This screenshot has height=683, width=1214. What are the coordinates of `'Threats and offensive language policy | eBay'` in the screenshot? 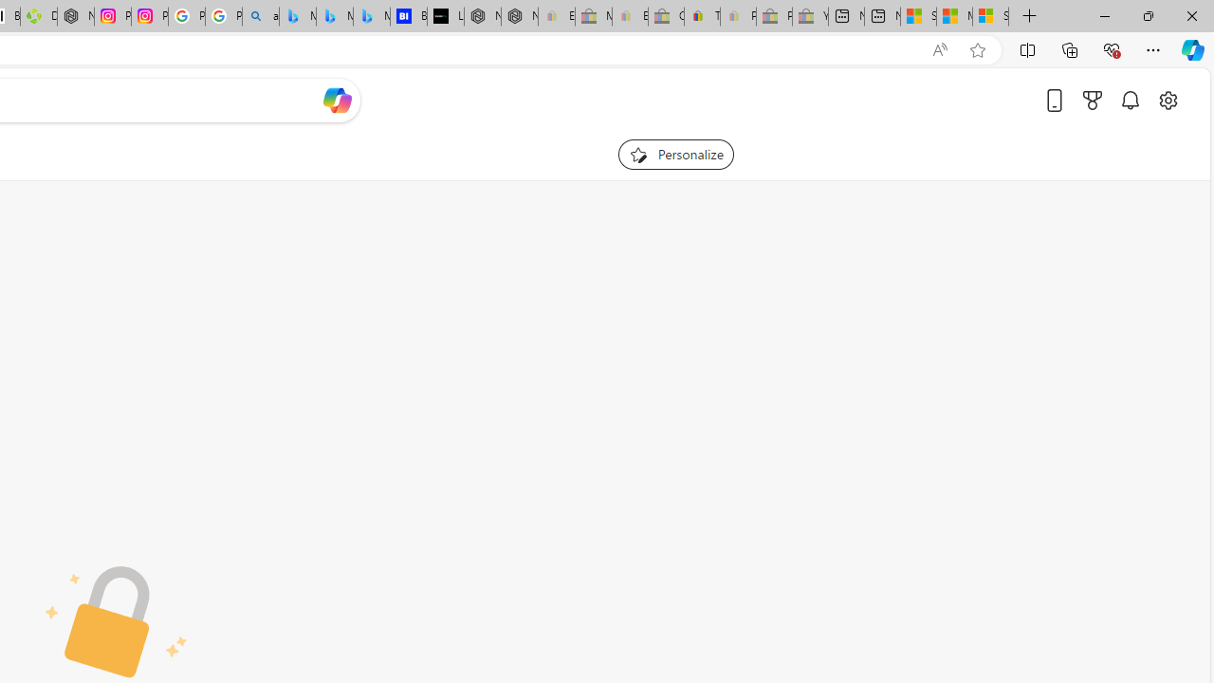 It's located at (701, 16).